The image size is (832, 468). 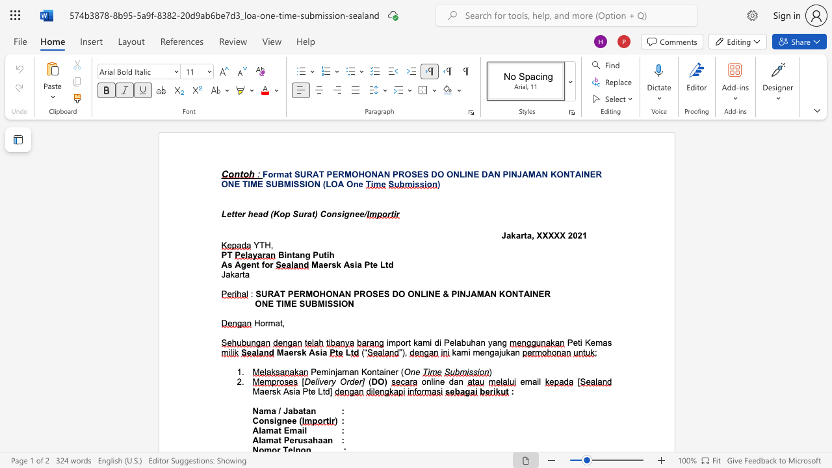 I want to click on the subset text "usahaan" within the text "Alamat Perusahaan", so click(x=297, y=439).